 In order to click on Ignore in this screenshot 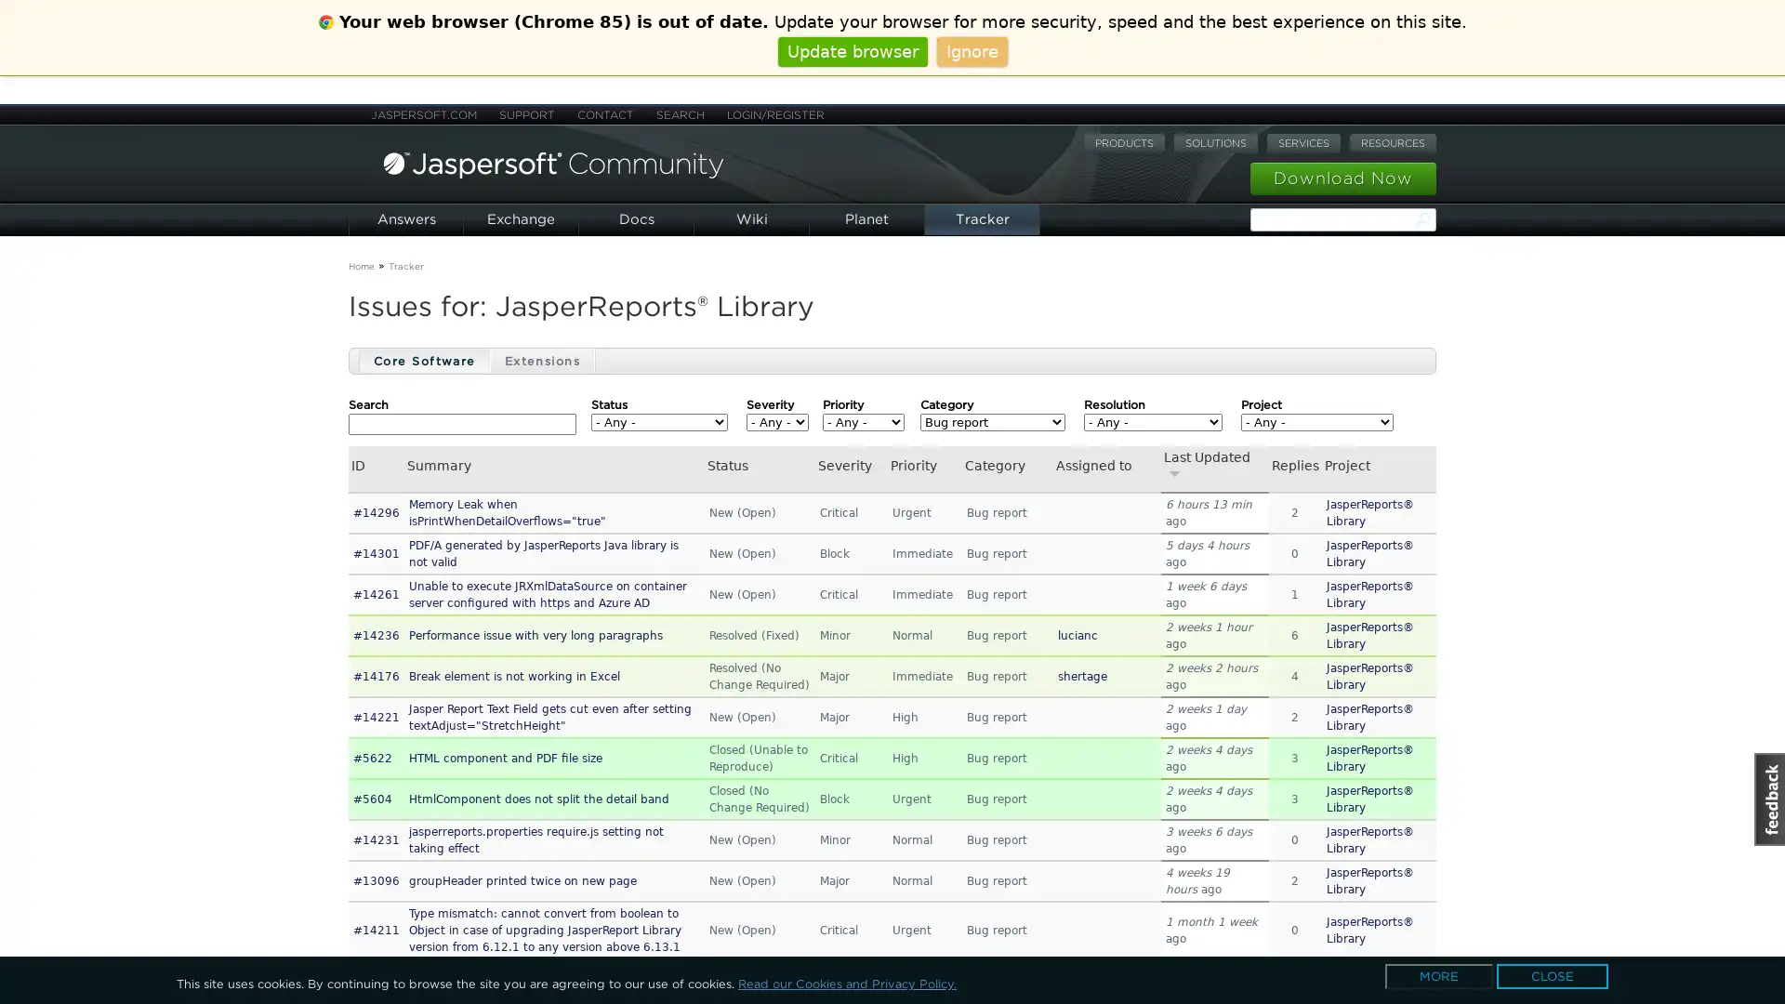, I will do `click(971, 50)`.